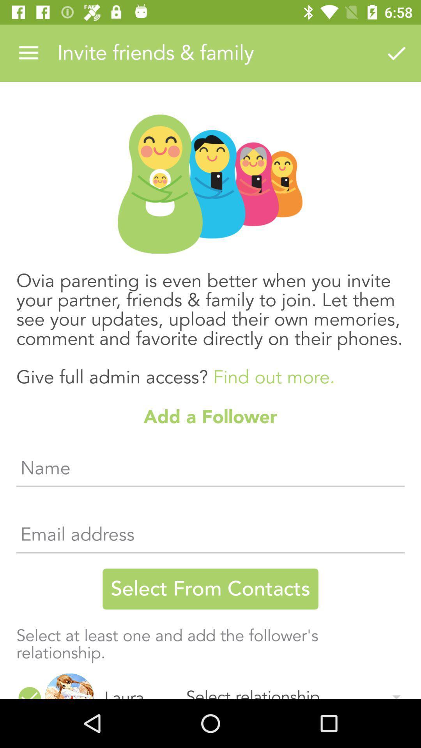 This screenshot has height=748, width=421. I want to click on the item to the right of invite friends & family icon, so click(396, 53).